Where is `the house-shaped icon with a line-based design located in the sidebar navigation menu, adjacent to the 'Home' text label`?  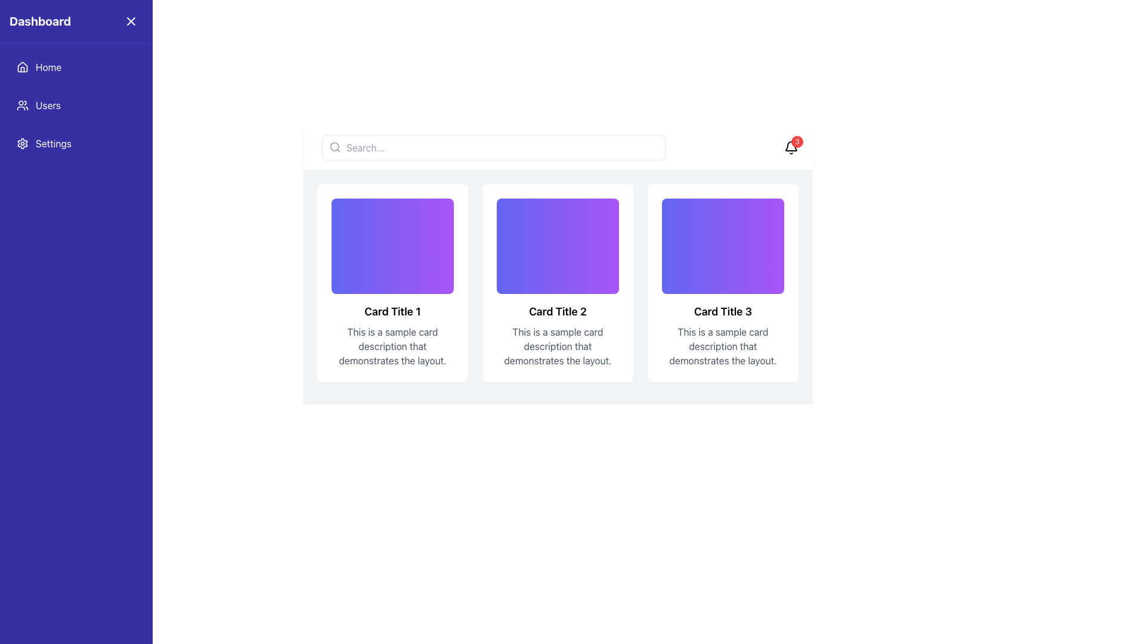
the house-shaped icon with a line-based design located in the sidebar navigation menu, adjacent to the 'Home' text label is located at coordinates (23, 67).